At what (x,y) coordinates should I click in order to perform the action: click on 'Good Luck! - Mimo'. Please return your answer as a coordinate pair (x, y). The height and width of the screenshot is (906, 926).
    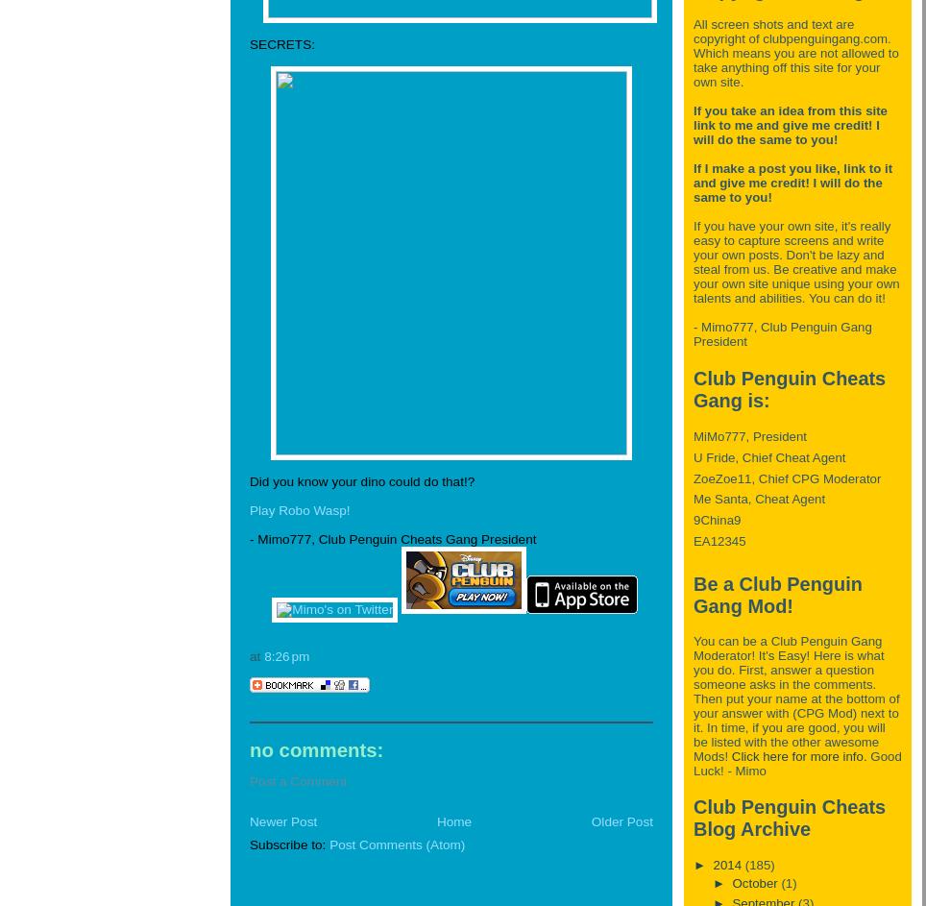
    Looking at the image, I should click on (796, 762).